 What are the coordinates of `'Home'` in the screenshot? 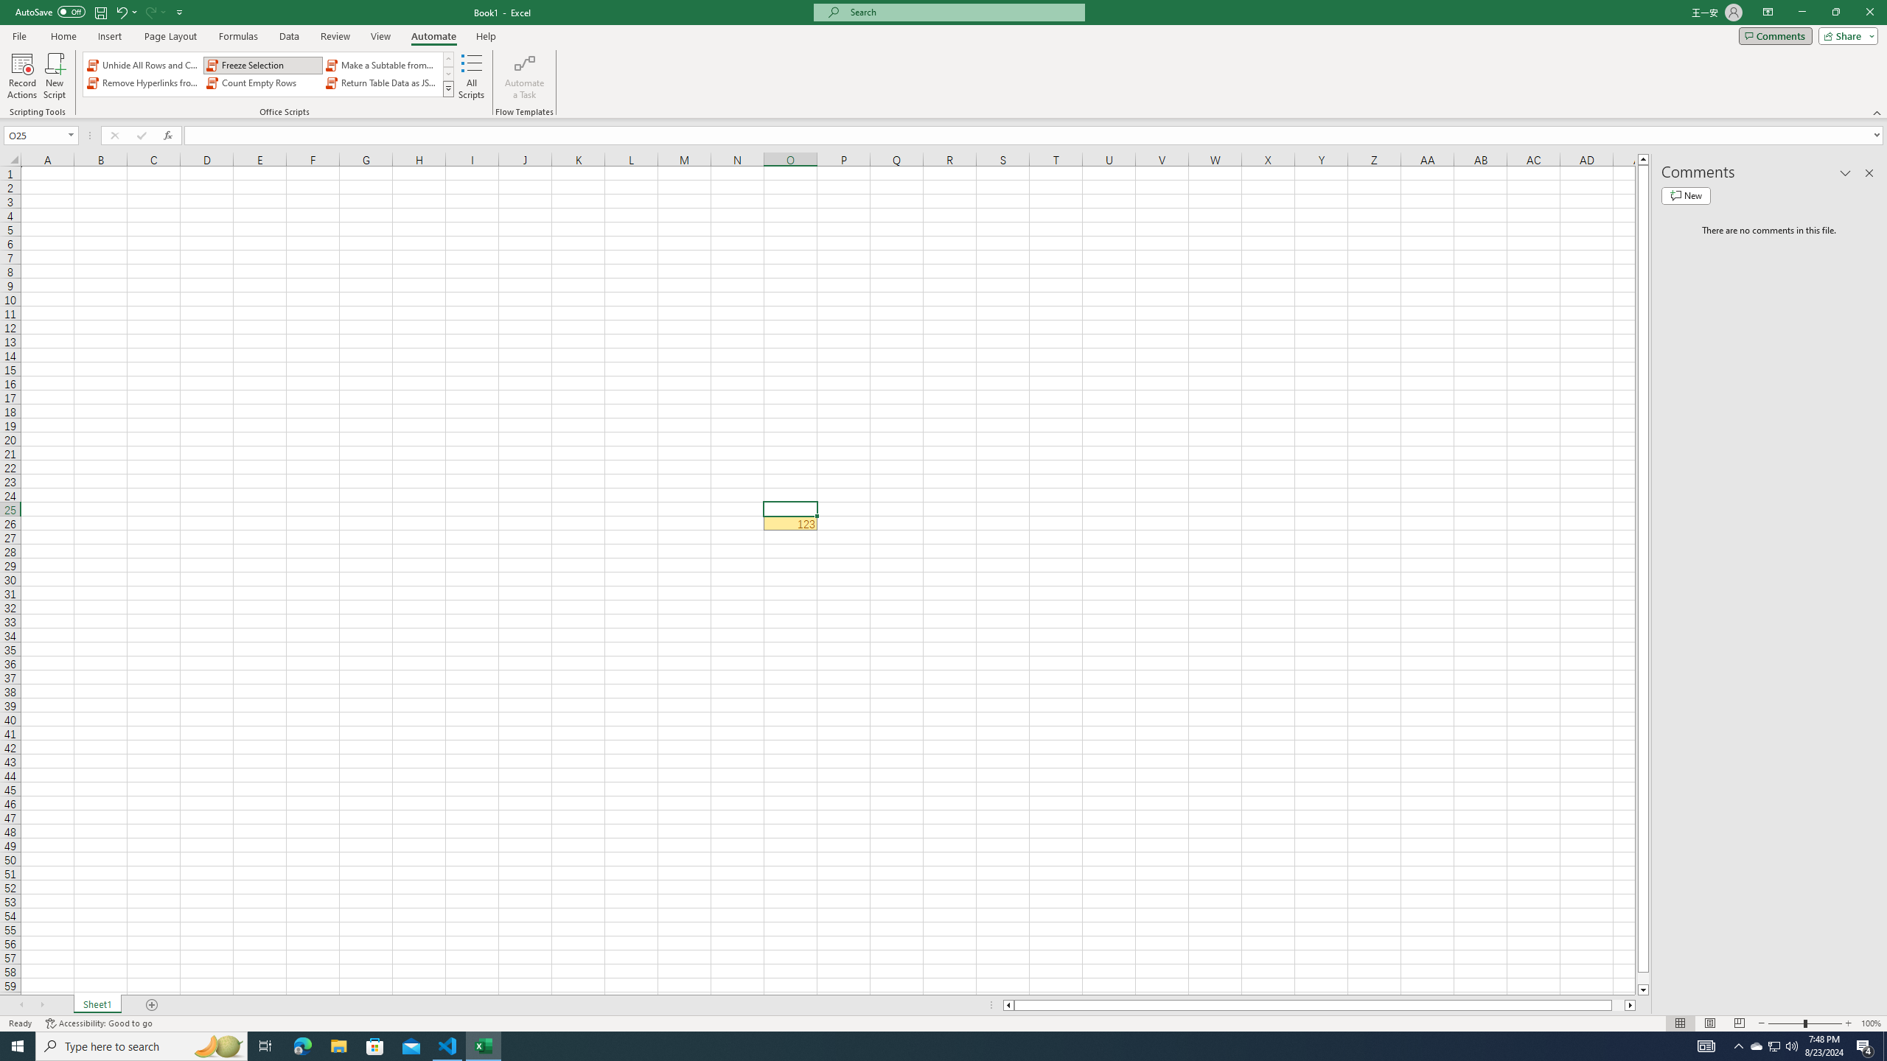 It's located at (63, 36).